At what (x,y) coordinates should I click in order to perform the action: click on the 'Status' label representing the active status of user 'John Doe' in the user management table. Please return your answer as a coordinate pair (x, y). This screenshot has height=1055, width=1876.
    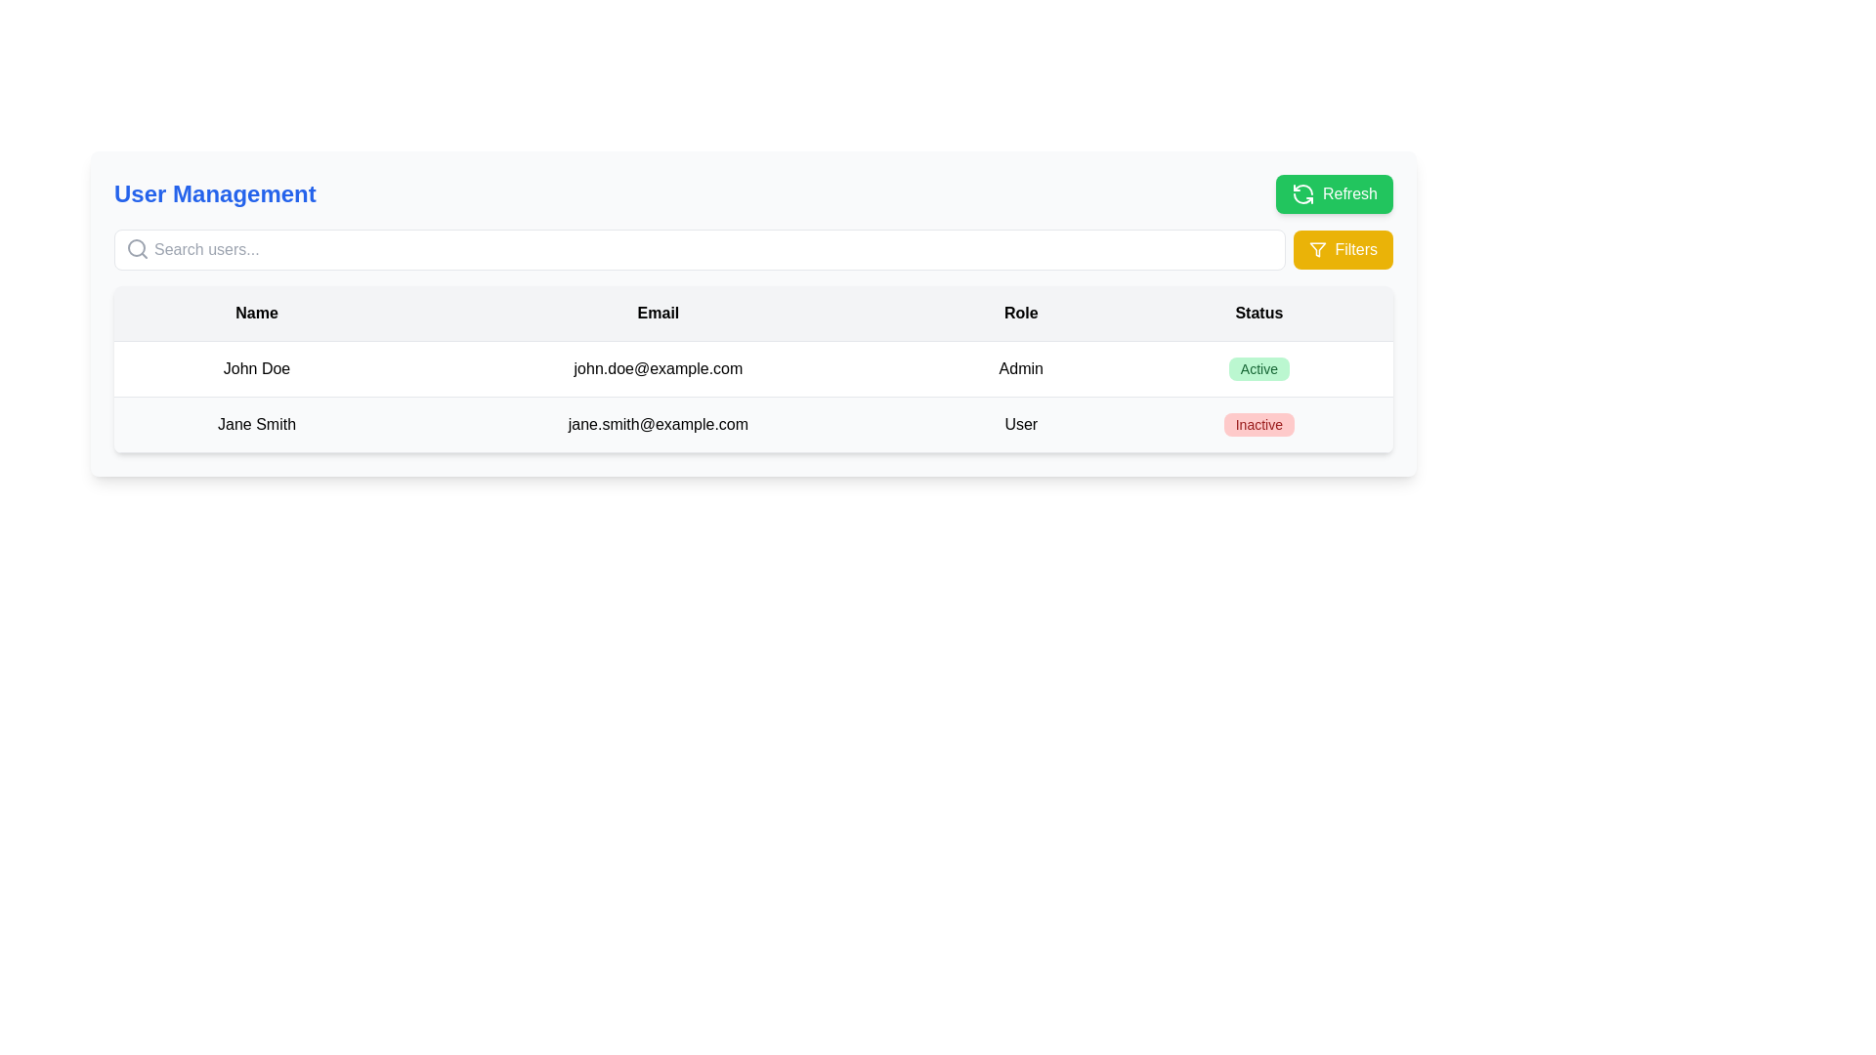
    Looking at the image, I should click on (1258, 369).